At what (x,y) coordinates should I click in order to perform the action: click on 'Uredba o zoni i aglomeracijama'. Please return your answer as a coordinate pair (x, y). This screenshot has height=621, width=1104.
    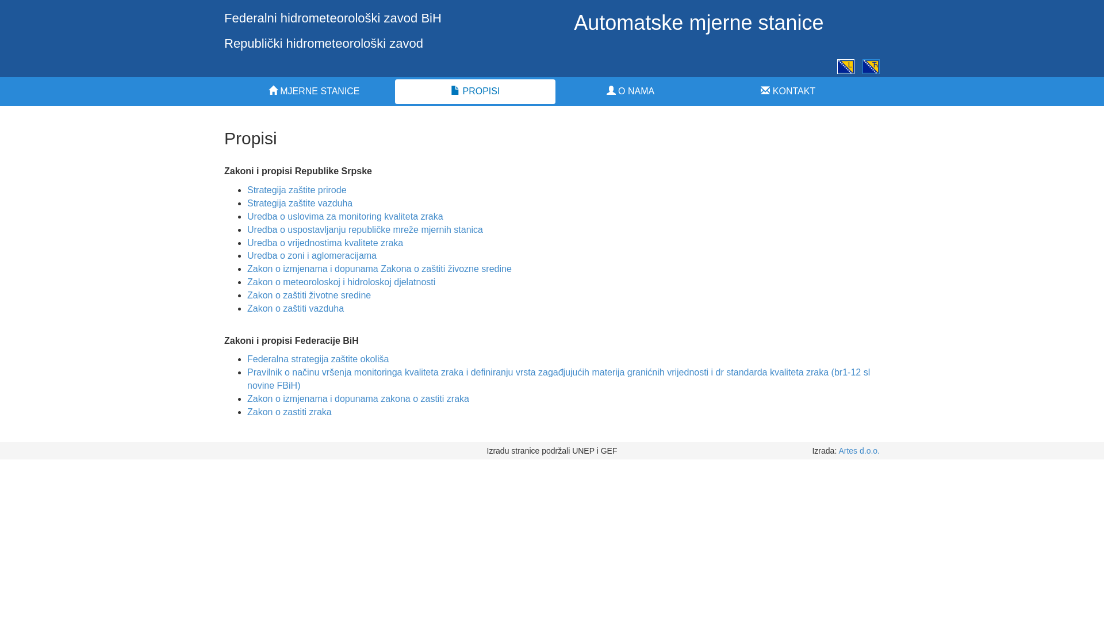
    Looking at the image, I should click on (312, 255).